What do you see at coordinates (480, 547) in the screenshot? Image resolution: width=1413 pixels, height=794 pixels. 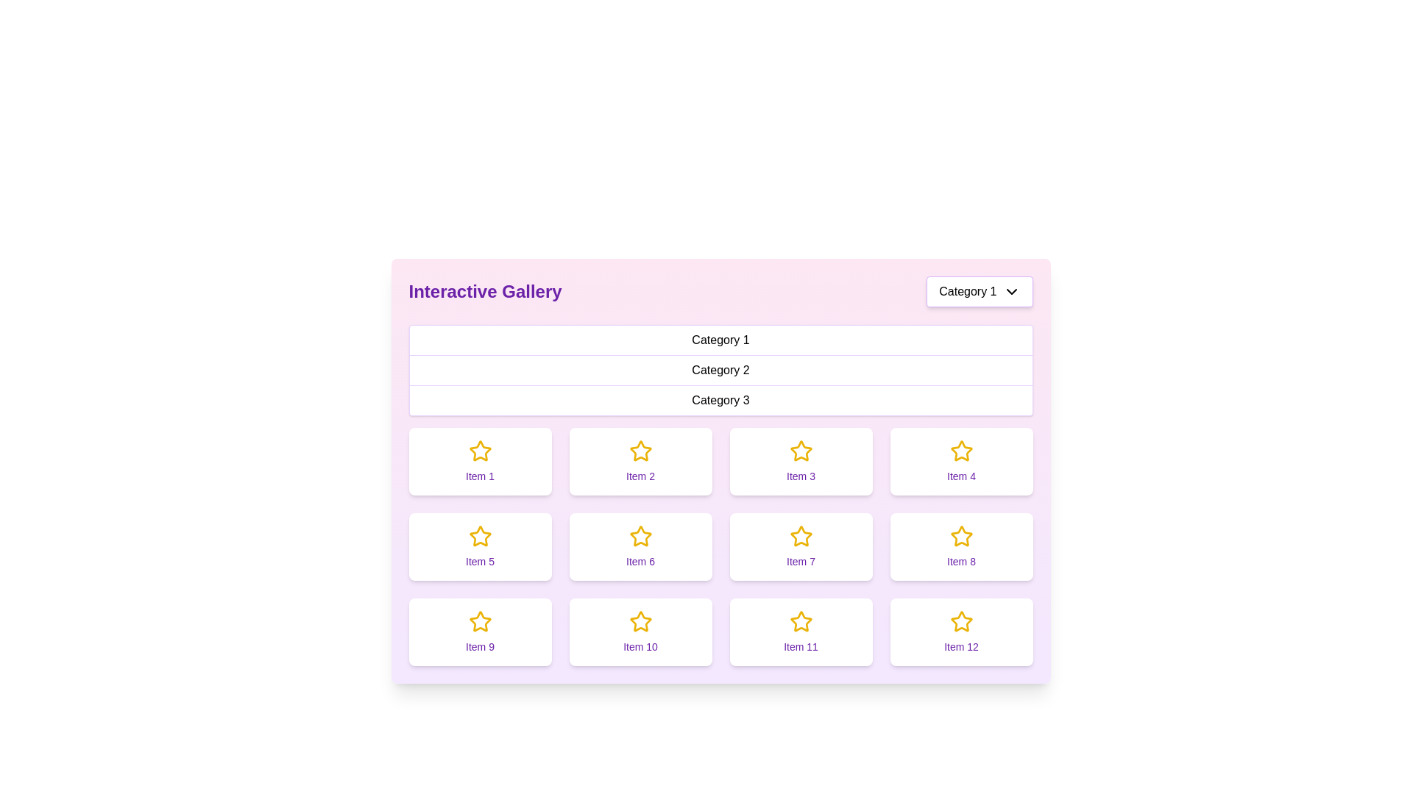 I see `the item card displaying 'Item 5' in the grid layout, which is located in the second row, first column` at bounding box center [480, 547].